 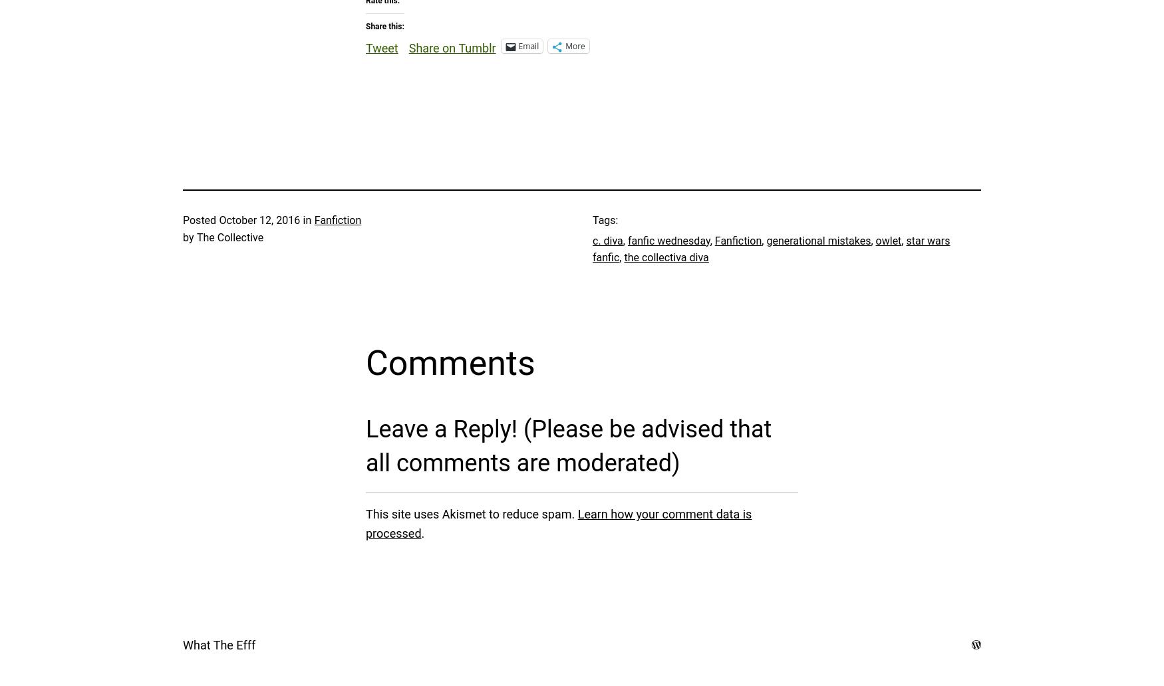 What do you see at coordinates (569, 445) in the screenshot?
I see `'Leave a Reply! (Please be advised that all comments are moderated)'` at bounding box center [569, 445].